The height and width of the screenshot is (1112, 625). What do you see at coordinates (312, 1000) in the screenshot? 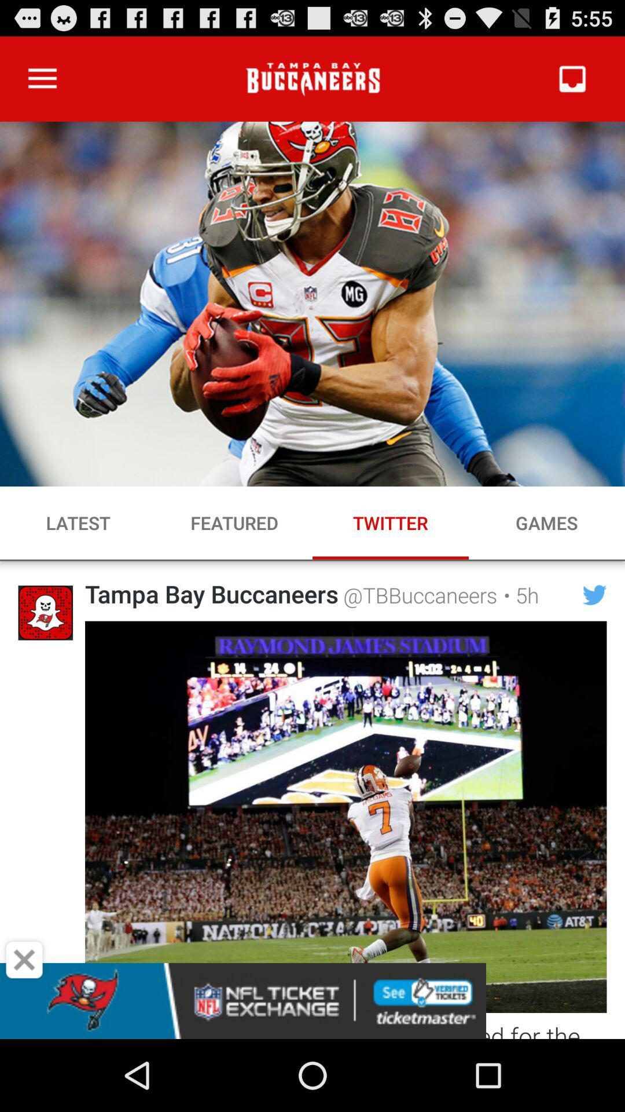
I see `view add` at bounding box center [312, 1000].